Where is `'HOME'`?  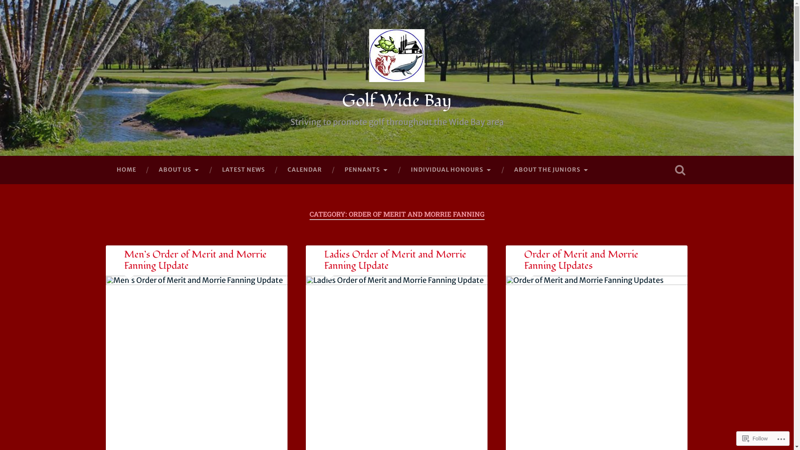 'HOME' is located at coordinates (125, 170).